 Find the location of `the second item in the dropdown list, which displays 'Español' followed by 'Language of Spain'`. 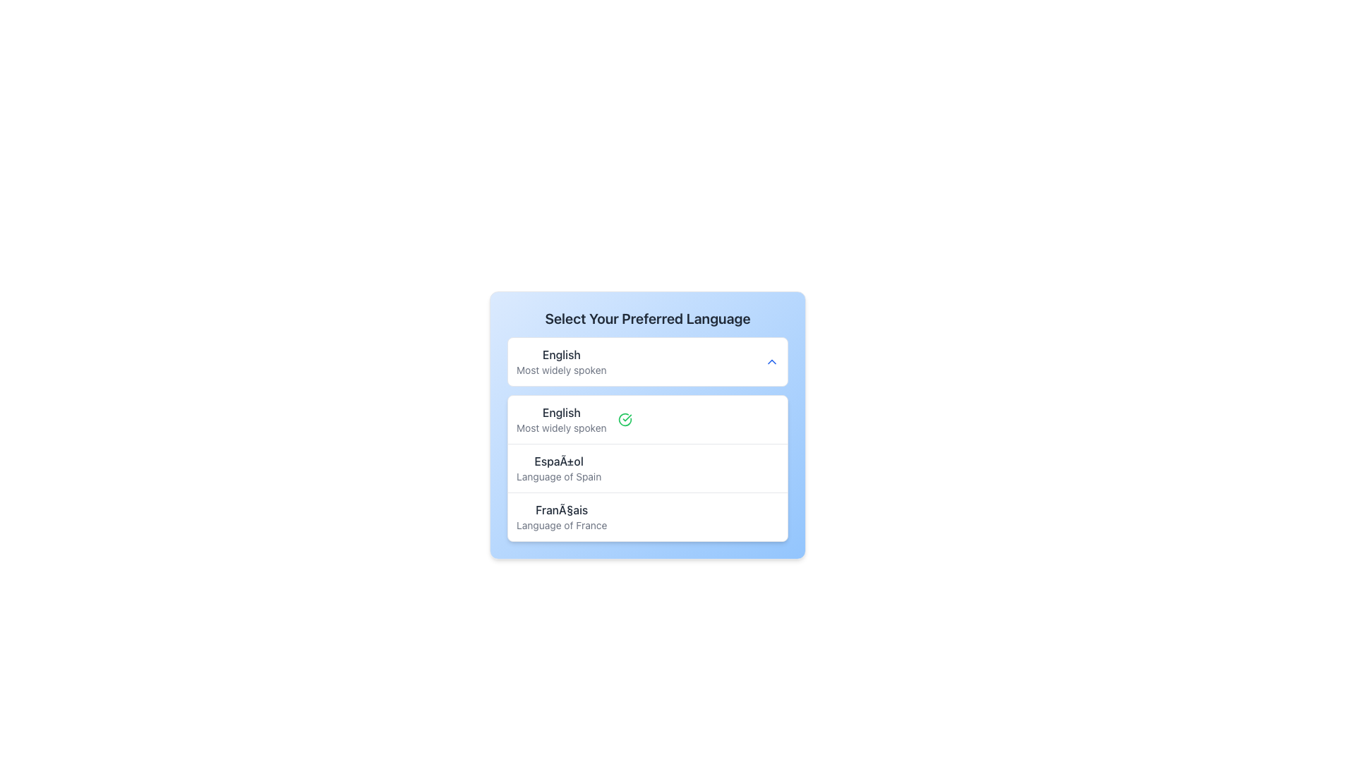

the second item in the dropdown list, which displays 'Español' followed by 'Language of Spain' is located at coordinates (646, 468).